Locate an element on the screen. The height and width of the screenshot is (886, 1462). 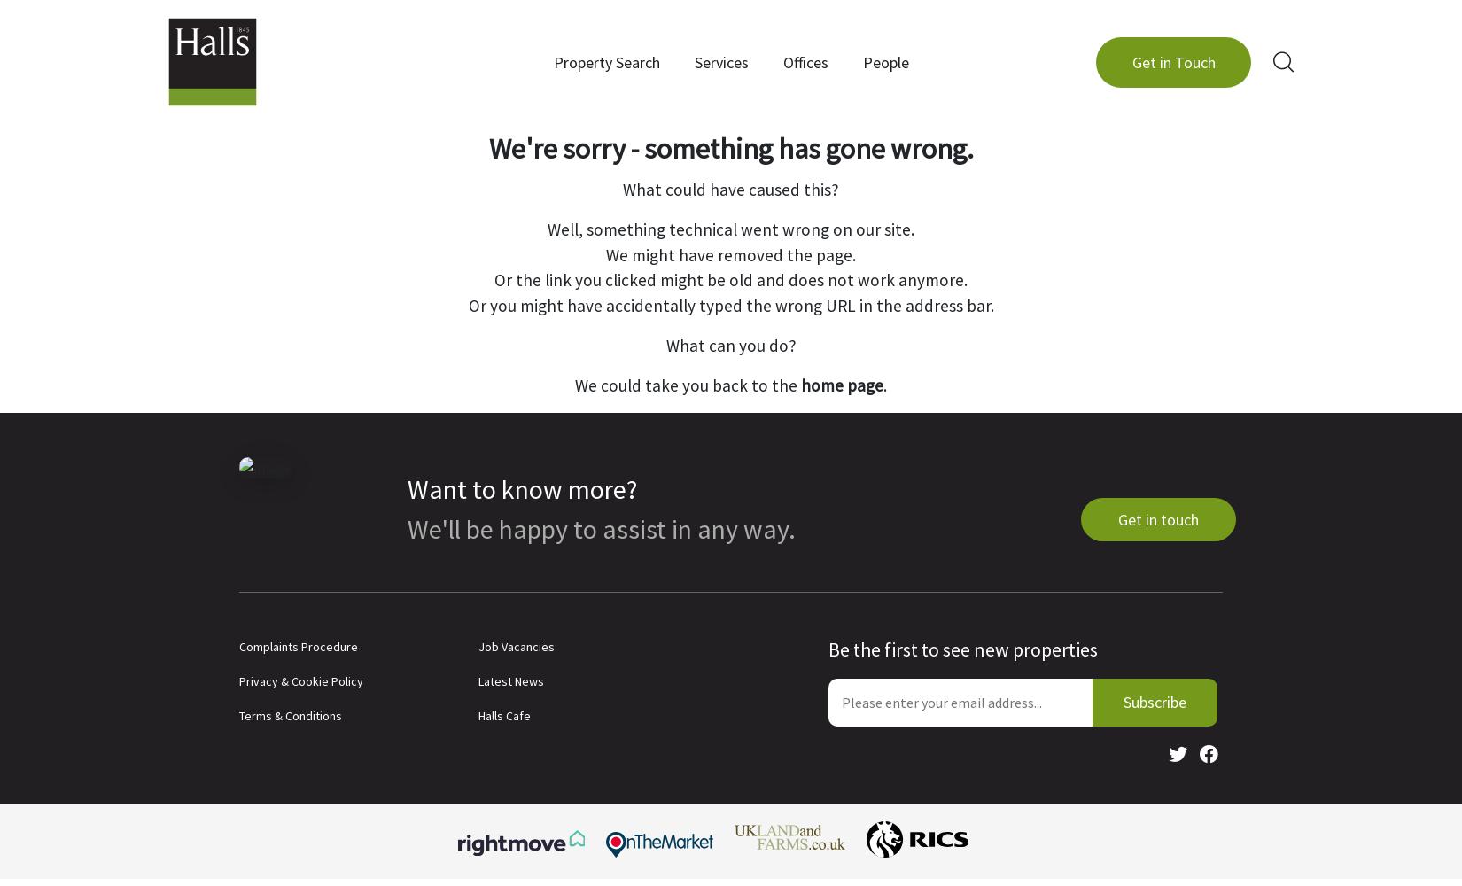
'Or you might have accidentally typed the wrong URL in the address bar.' is located at coordinates (729, 305).